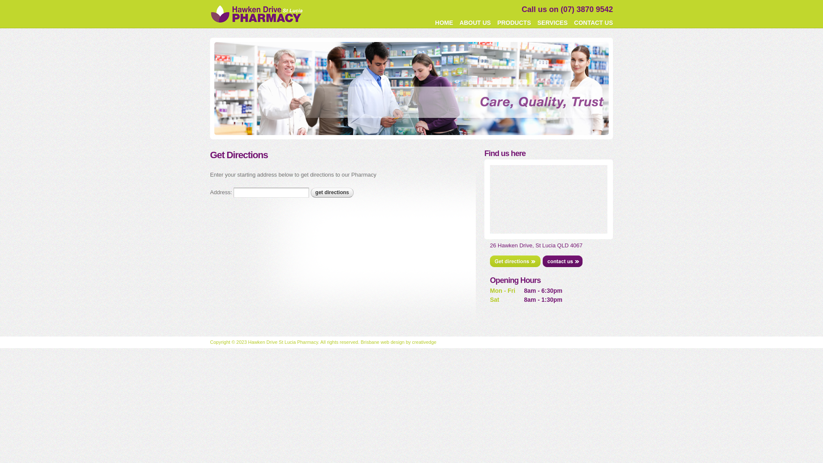 This screenshot has width=823, height=463. I want to click on 'CONTACT US', so click(593, 22).